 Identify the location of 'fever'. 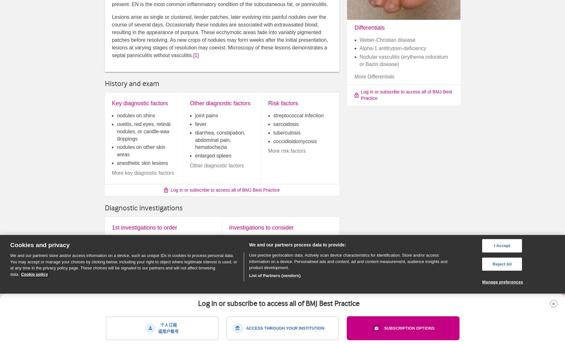
(200, 123).